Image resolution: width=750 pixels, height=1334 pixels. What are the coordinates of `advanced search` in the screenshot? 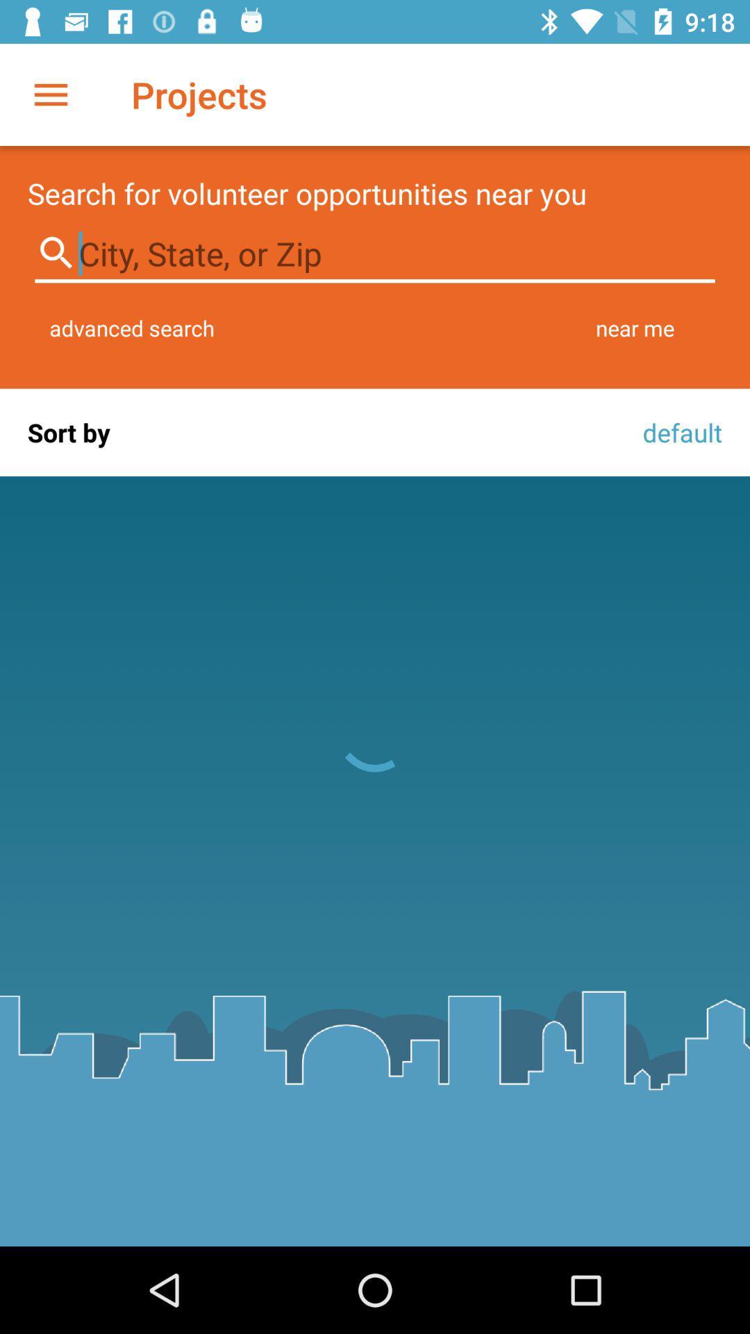 It's located at (132, 327).